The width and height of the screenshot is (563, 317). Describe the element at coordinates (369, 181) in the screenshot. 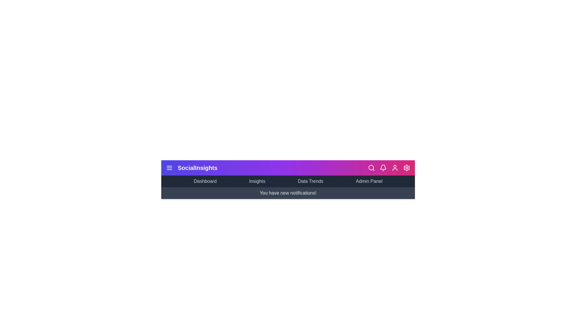

I see `the 'Admin Panel' menu item` at that location.